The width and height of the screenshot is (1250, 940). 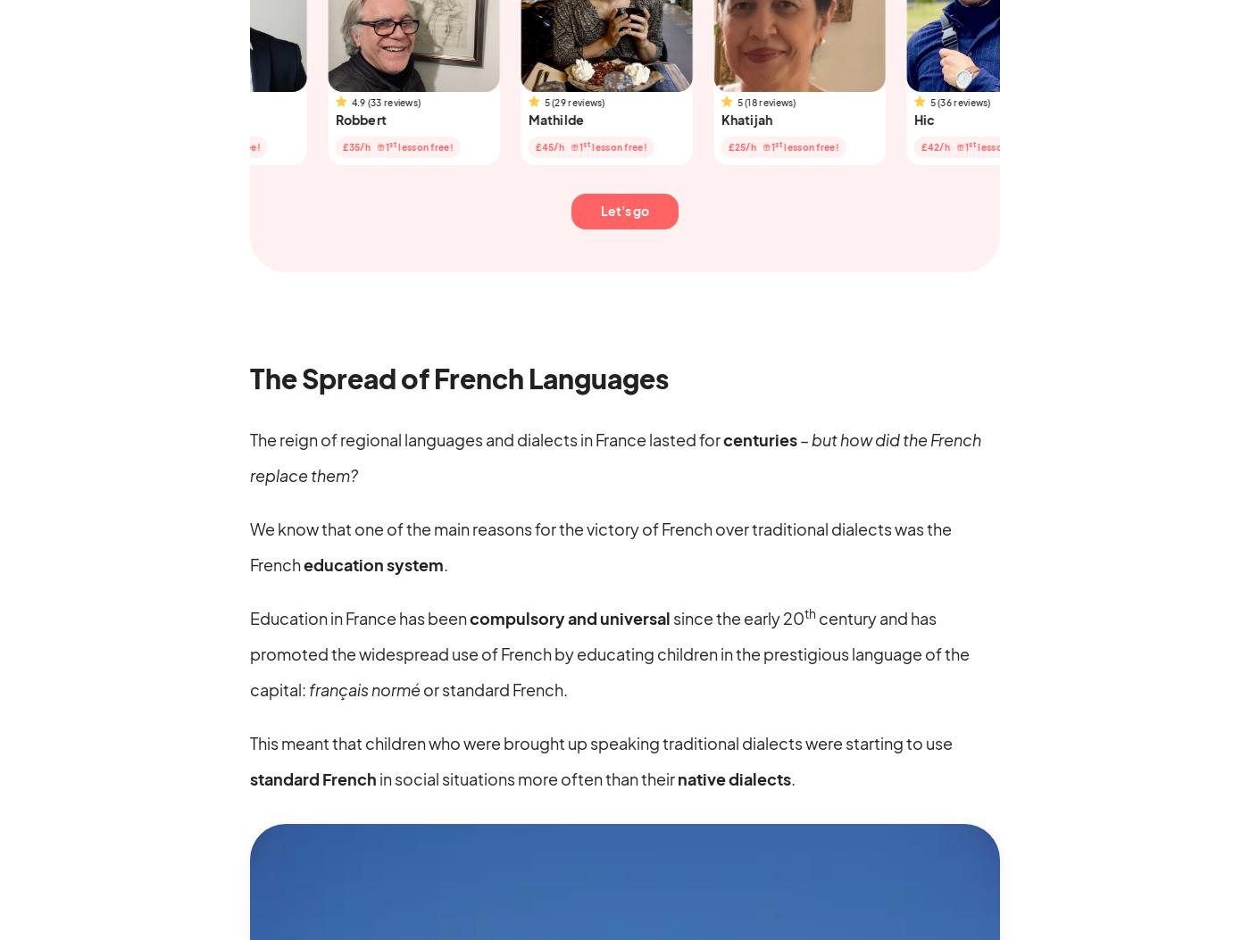 I want to click on 'çais norm', so click(x=337, y=688).